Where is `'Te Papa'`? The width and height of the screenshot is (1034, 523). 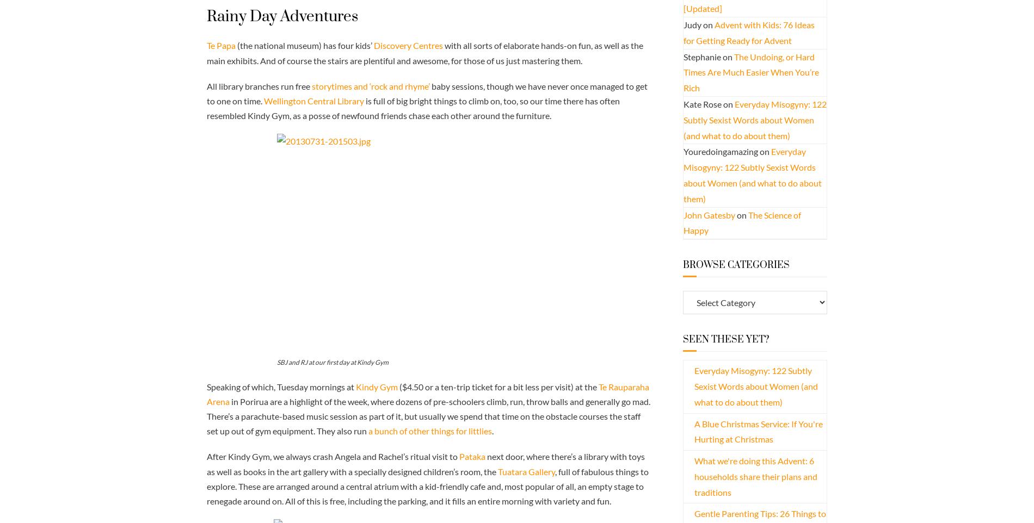 'Te Papa' is located at coordinates (206, 45).